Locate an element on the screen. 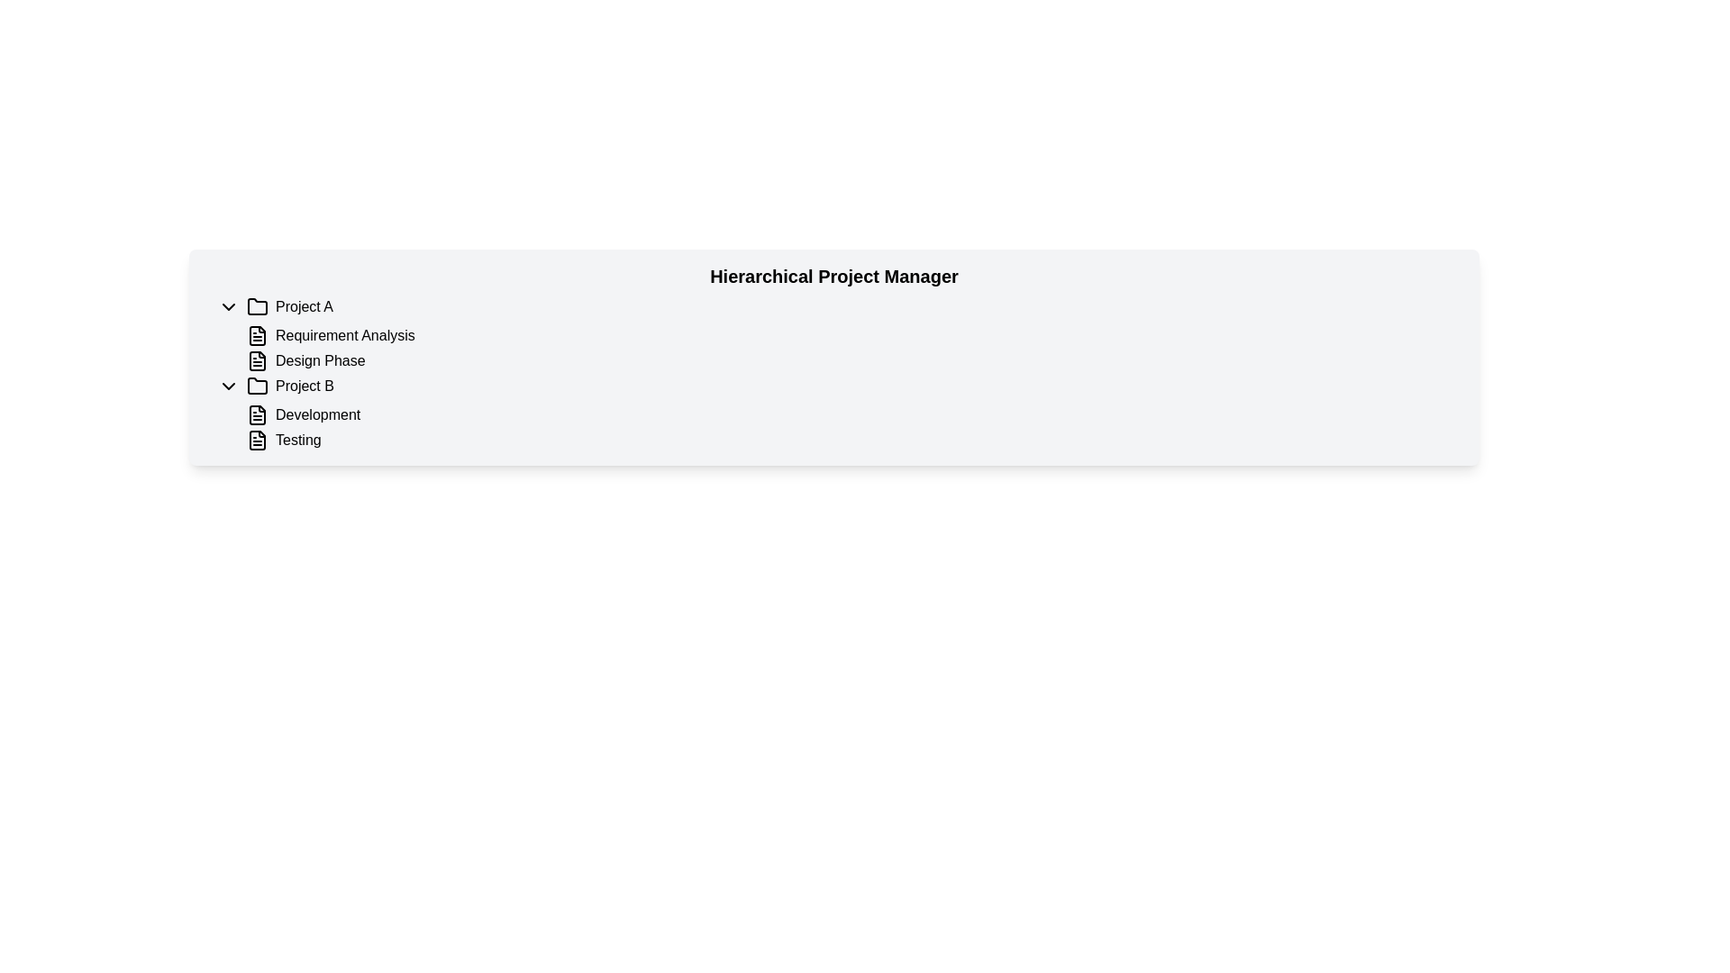  the text label named 'Testing' is located at coordinates (298, 441).